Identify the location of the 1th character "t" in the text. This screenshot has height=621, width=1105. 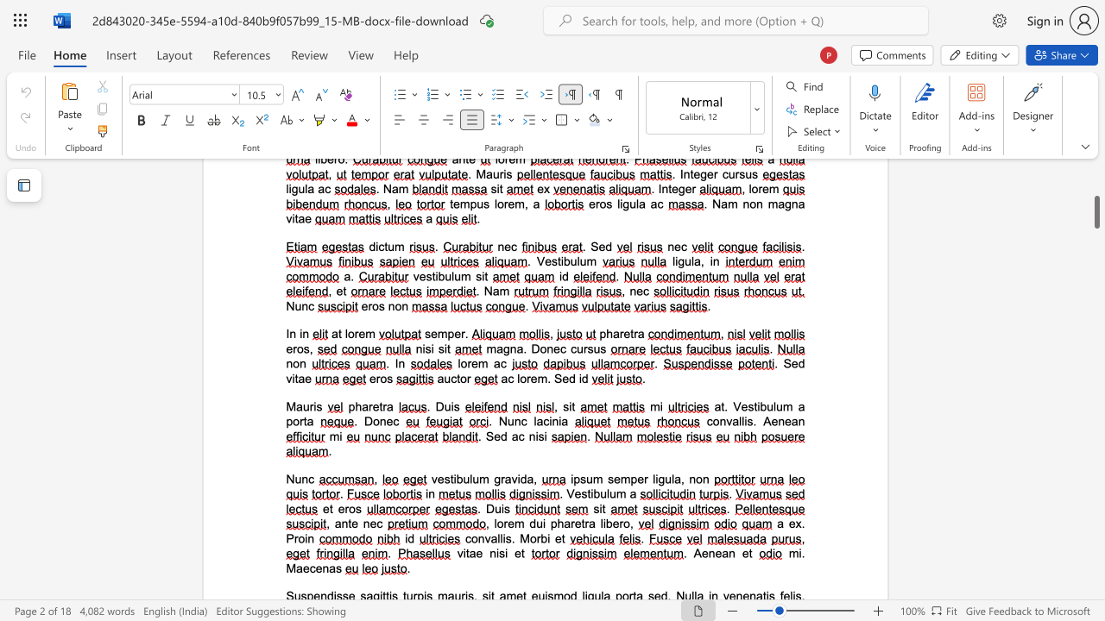
(589, 493).